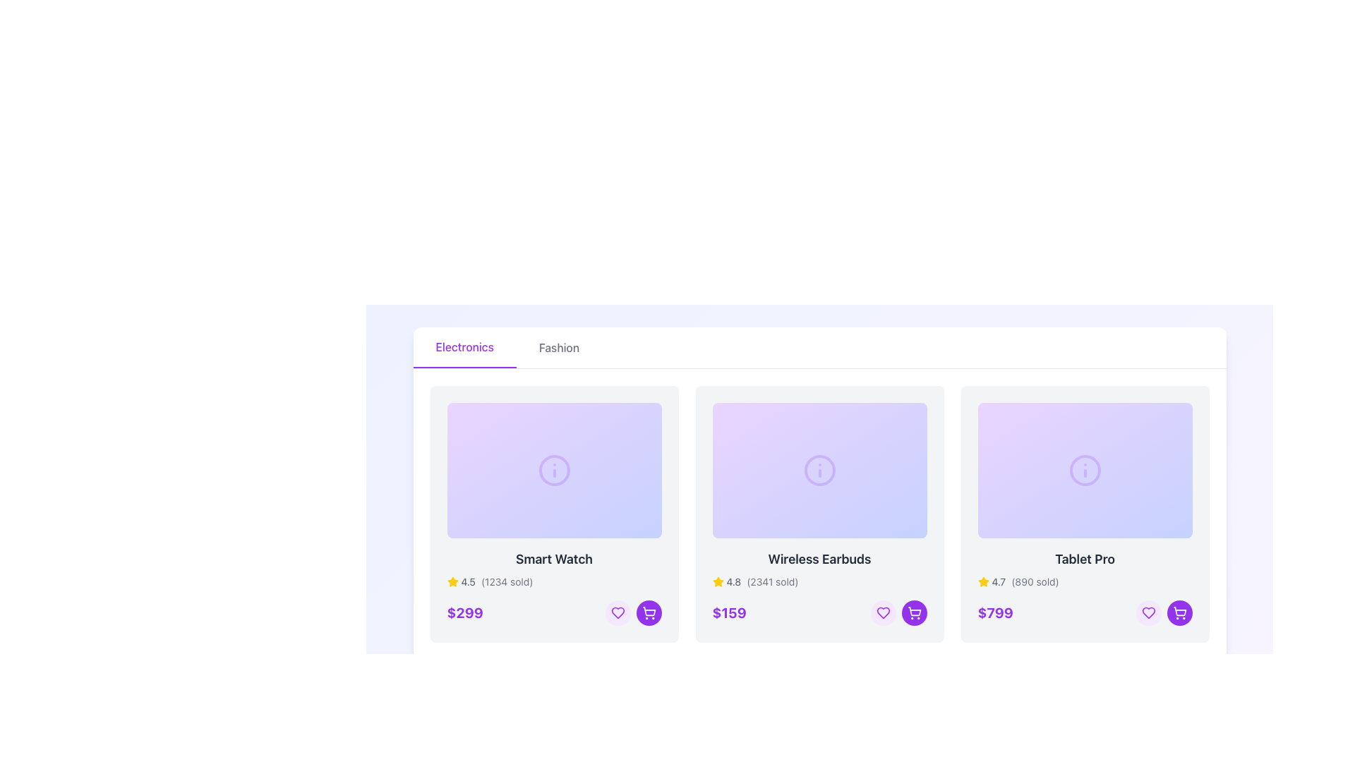  What do you see at coordinates (982, 582) in the screenshot?
I see `the yellow star icon representing a rating system, located next to the text '4.7' and above the price information for the 'Tablet Pro' item` at bounding box center [982, 582].